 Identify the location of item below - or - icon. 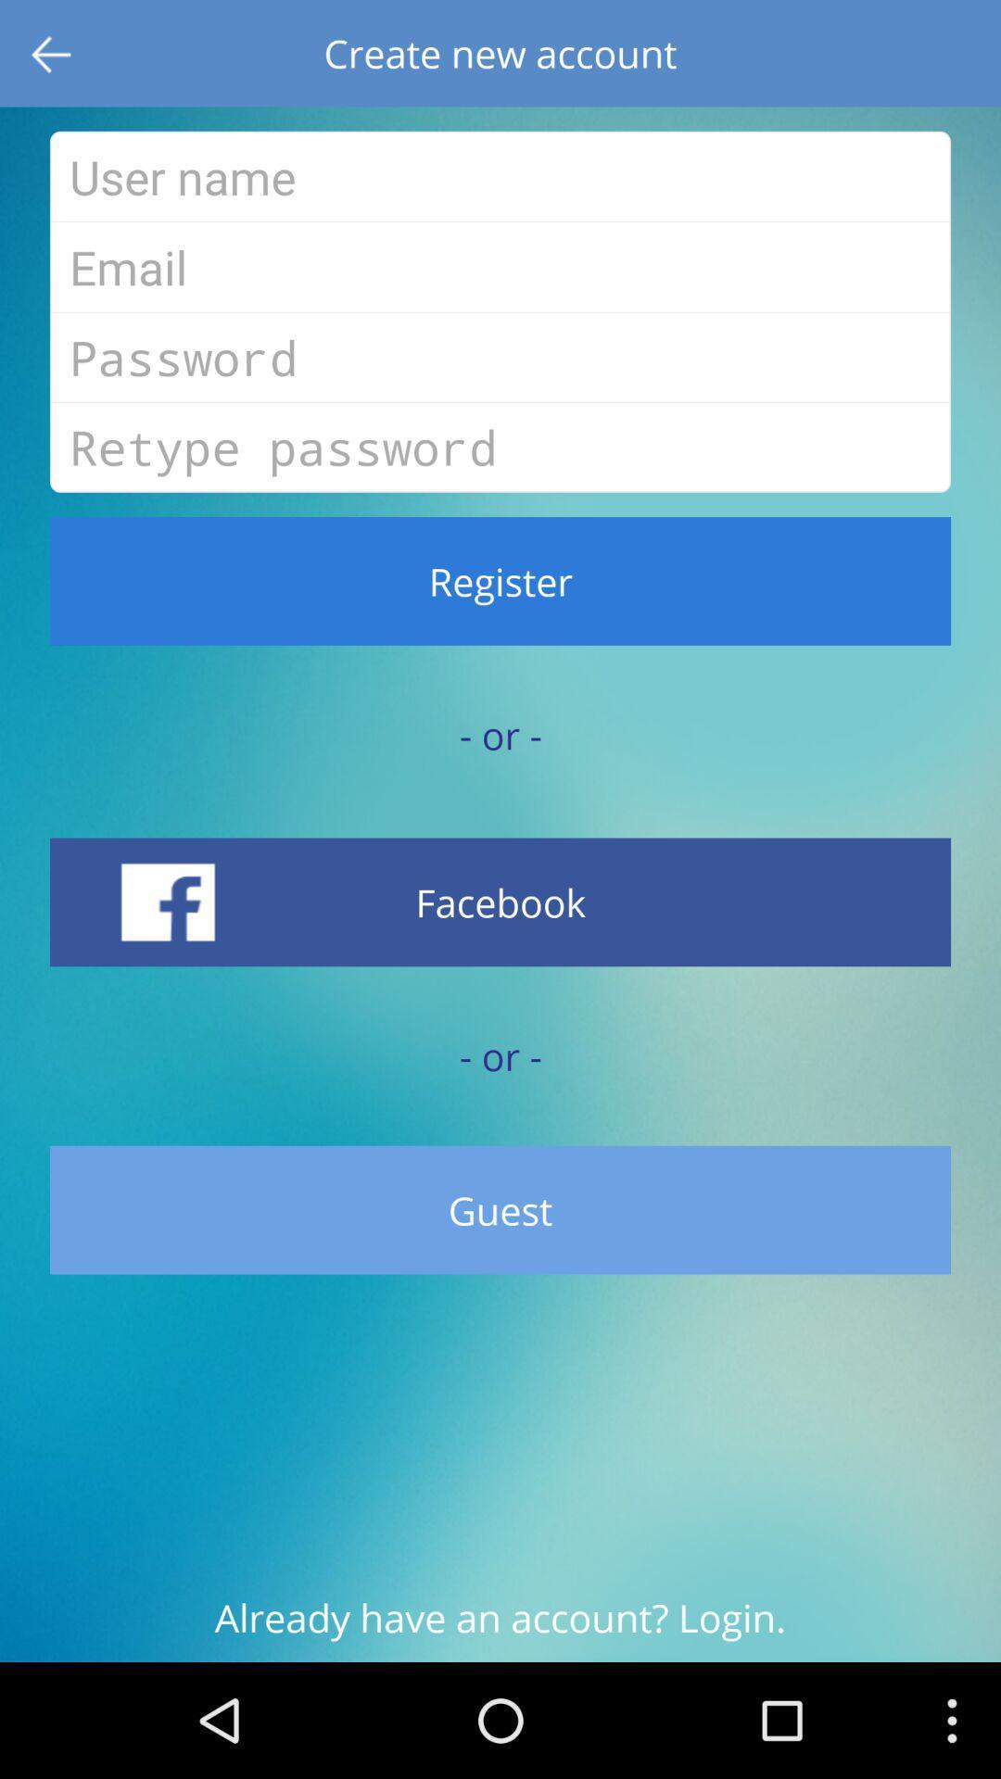
(500, 1210).